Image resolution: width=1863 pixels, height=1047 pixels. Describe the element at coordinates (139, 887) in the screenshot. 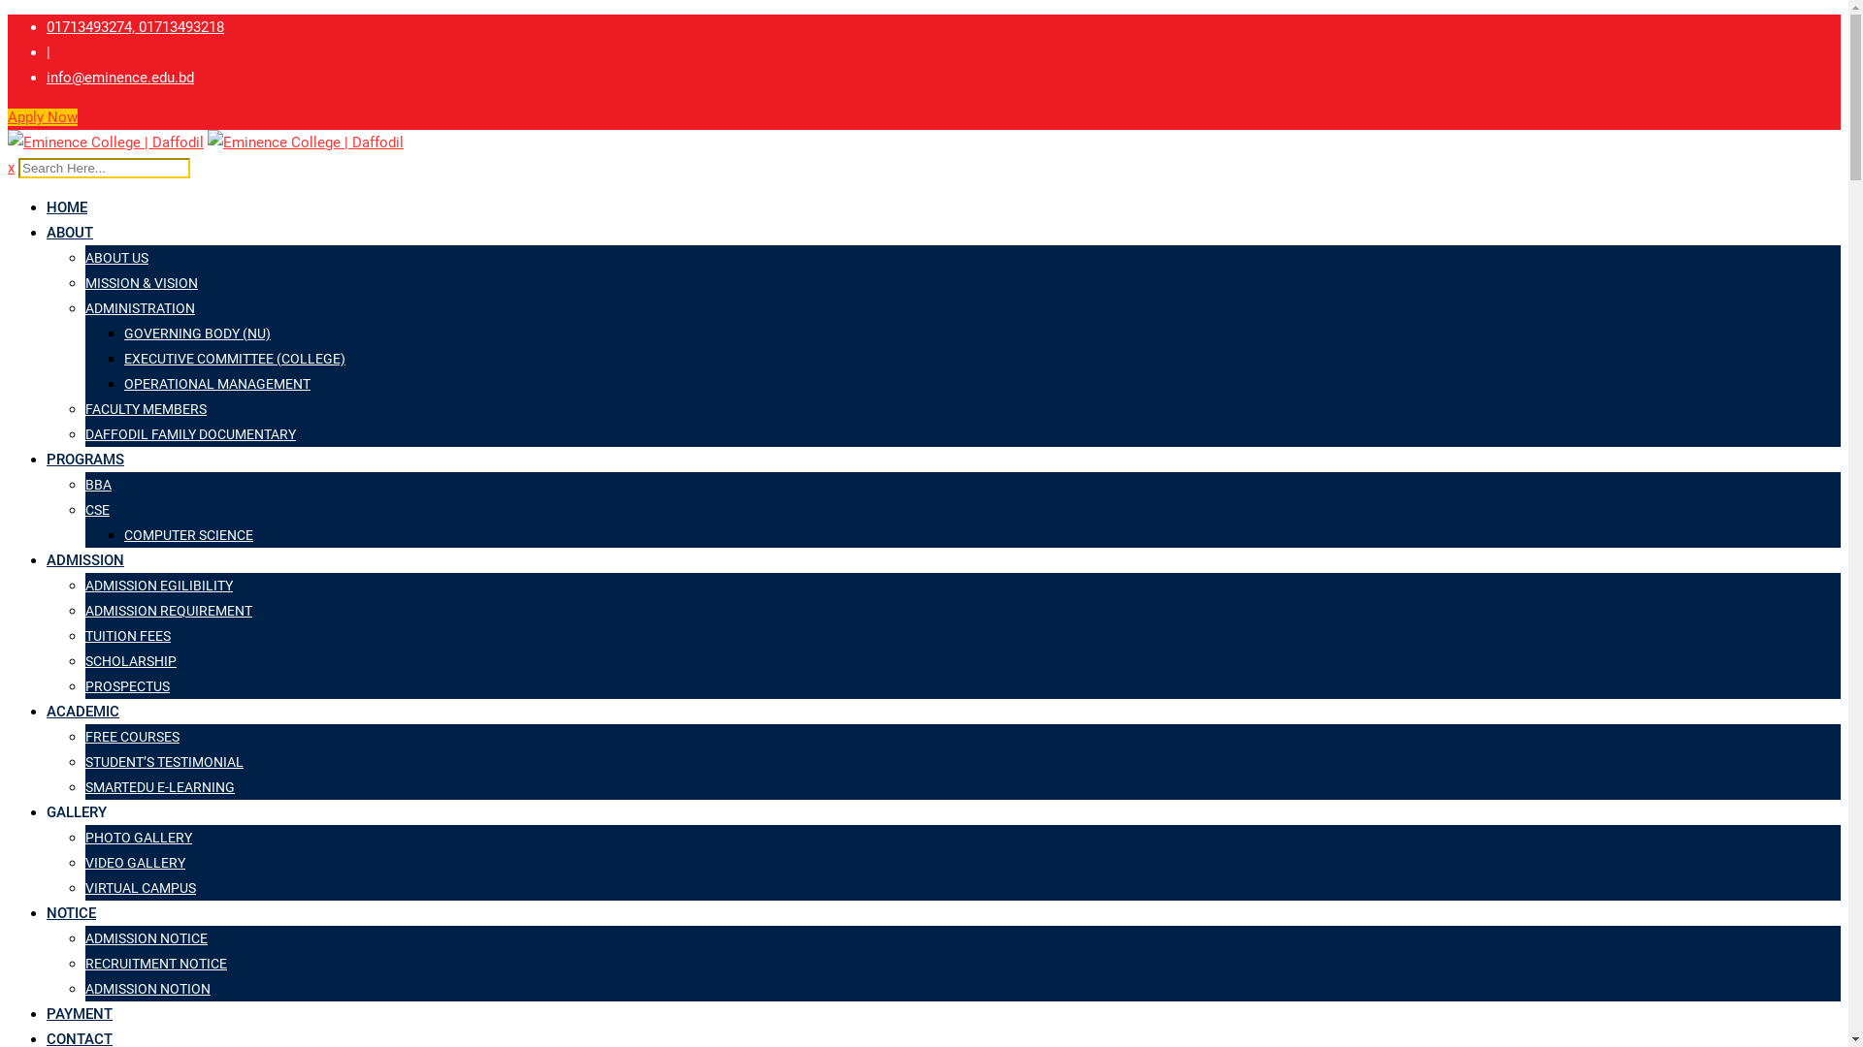

I see `'VIRTUAL CAMPUS'` at that location.